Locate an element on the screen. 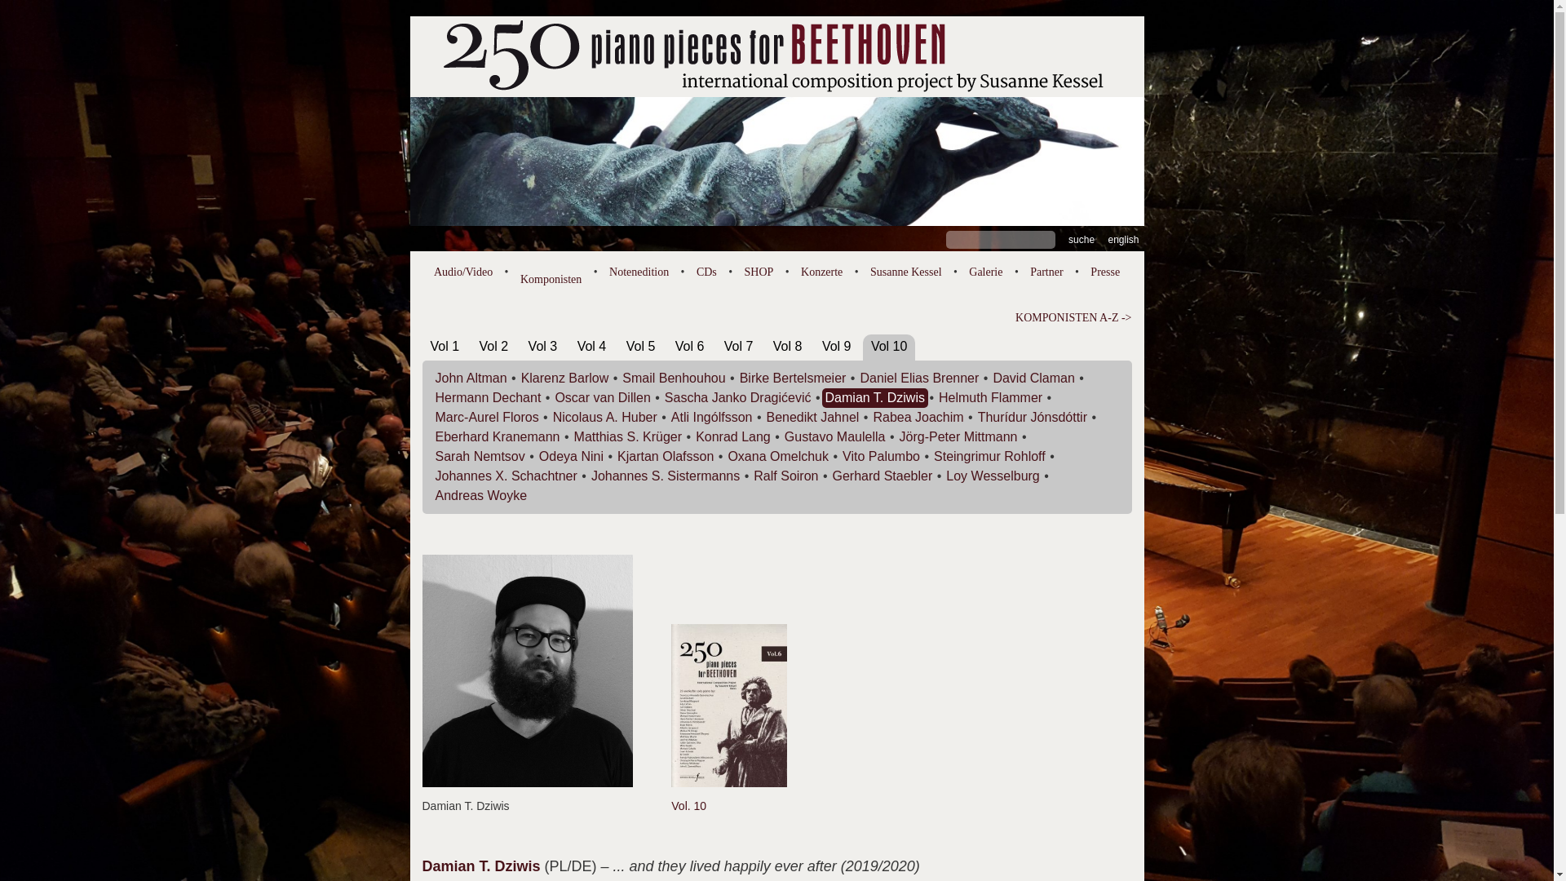  'Suche' is located at coordinates (1081, 239).